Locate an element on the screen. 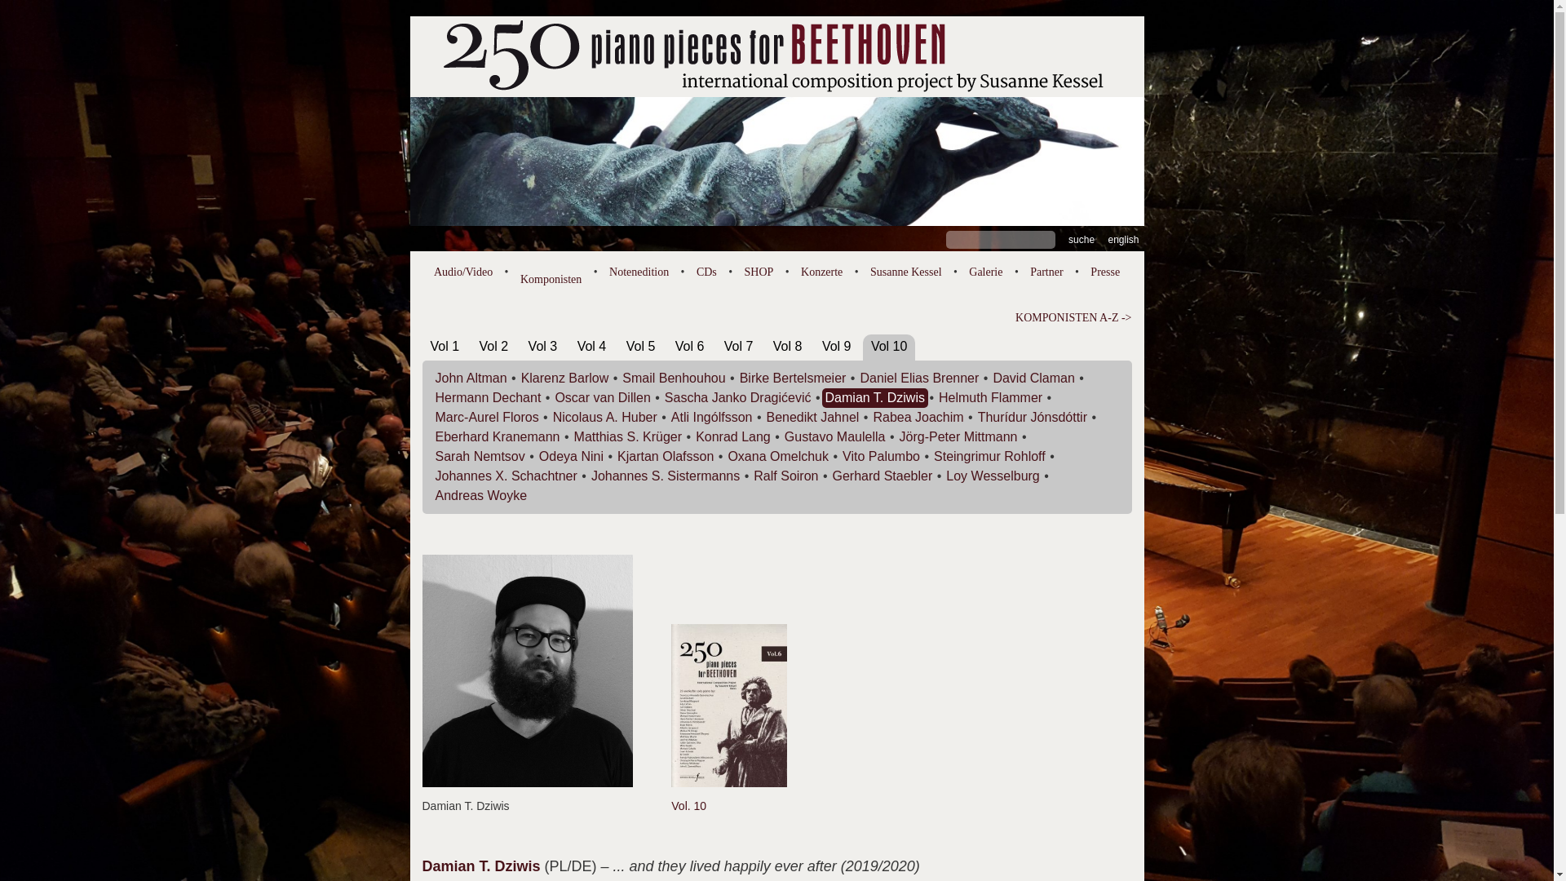  'Suche' is located at coordinates (1081, 239).